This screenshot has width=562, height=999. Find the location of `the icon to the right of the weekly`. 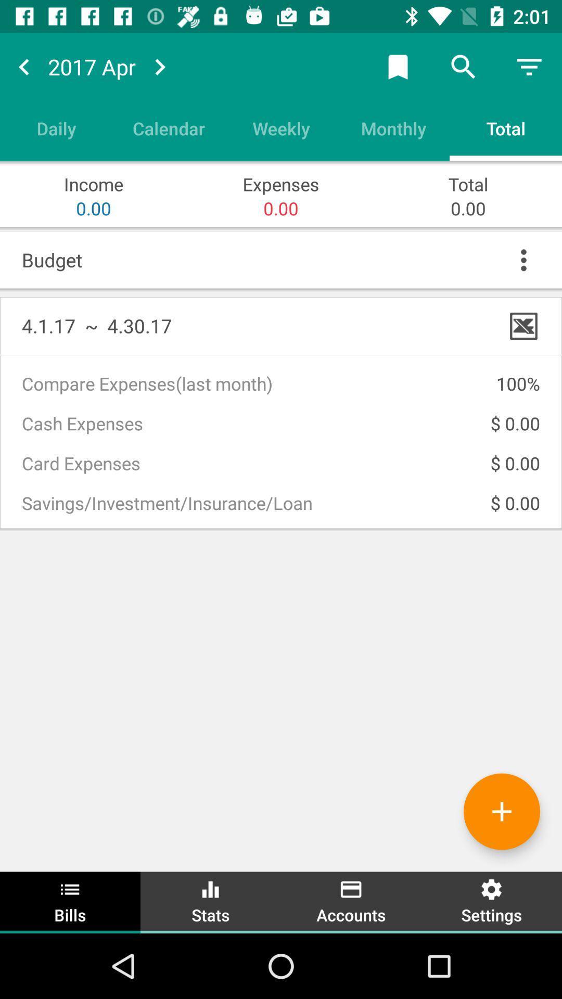

the icon to the right of the weekly is located at coordinates (393, 127).